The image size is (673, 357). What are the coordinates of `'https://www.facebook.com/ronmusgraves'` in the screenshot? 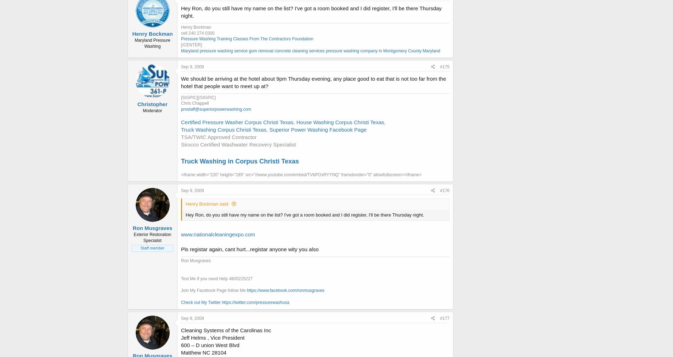 It's located at (285, 290).